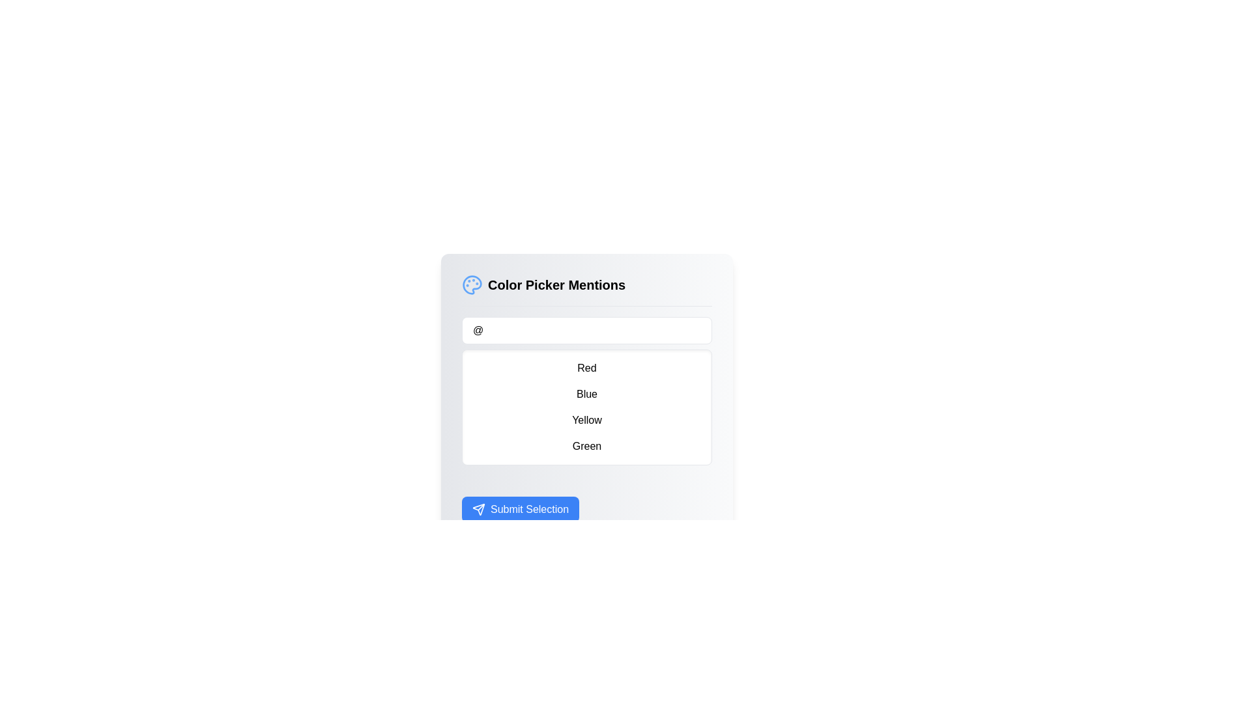 The width and height of the screenshot is (1251, 703). I want to click on the label that serves as a title or heading, located to the right of a circular icon resembling a palette in the upper section of the interface, so click(556, 284).